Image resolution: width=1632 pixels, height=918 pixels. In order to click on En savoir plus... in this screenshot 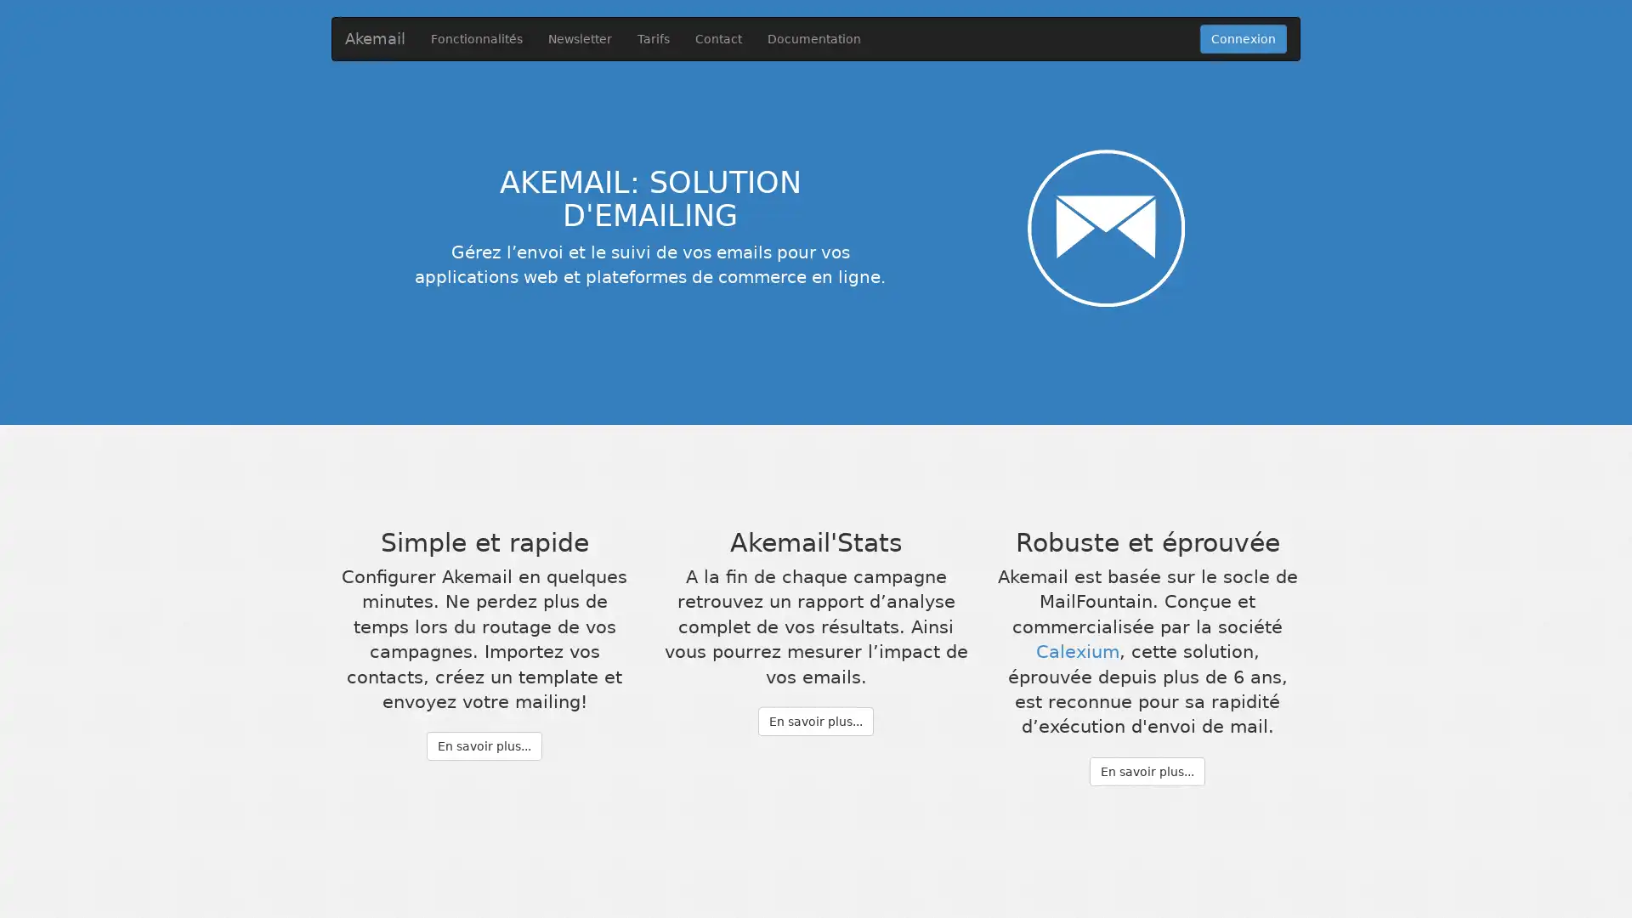, I will do `click(816, 721)`.